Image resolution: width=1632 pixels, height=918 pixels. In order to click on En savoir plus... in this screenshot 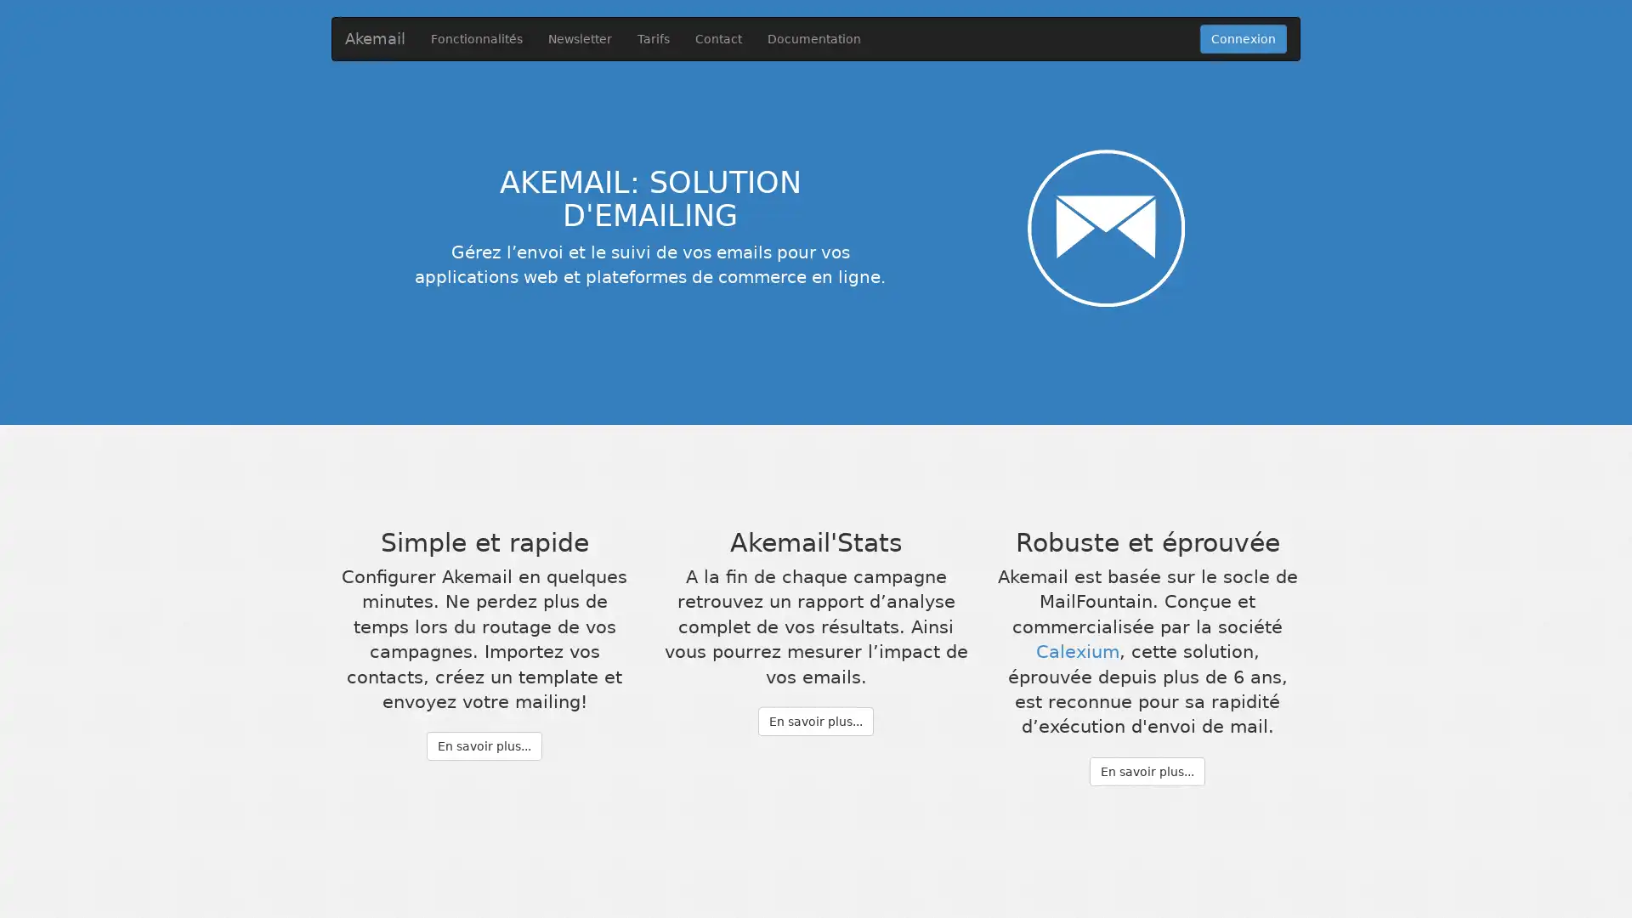, I will do `click(816, 721)`.